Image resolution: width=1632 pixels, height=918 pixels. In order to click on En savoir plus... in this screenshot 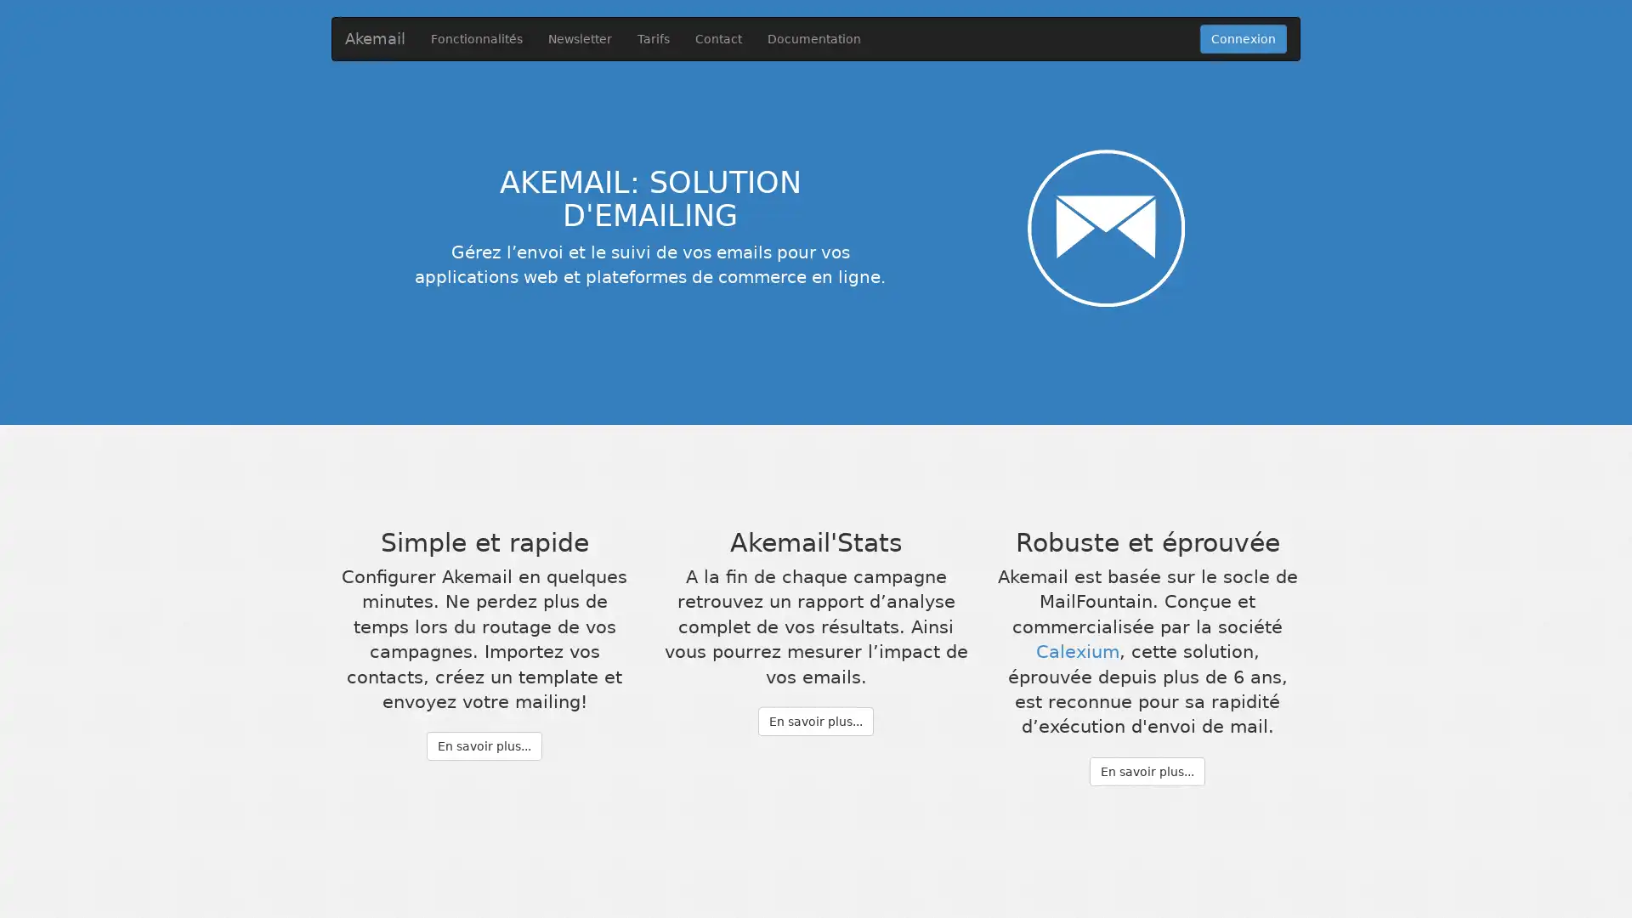, I will do `click(816, 721)`.